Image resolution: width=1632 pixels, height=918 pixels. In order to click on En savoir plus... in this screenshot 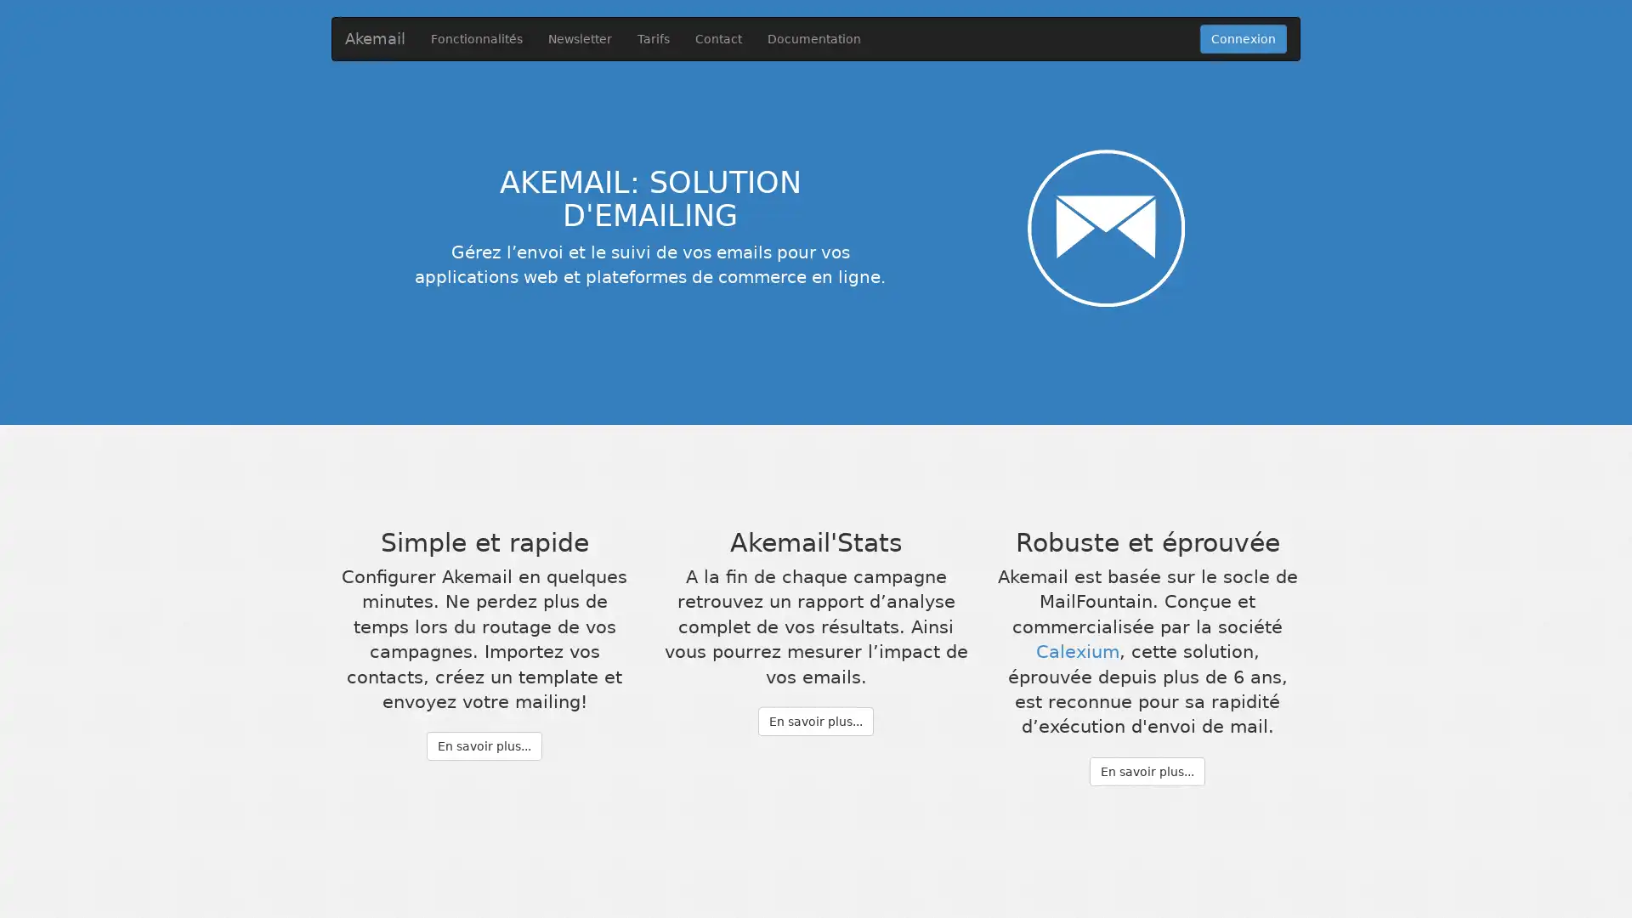, I will do `click(816, 721)`.